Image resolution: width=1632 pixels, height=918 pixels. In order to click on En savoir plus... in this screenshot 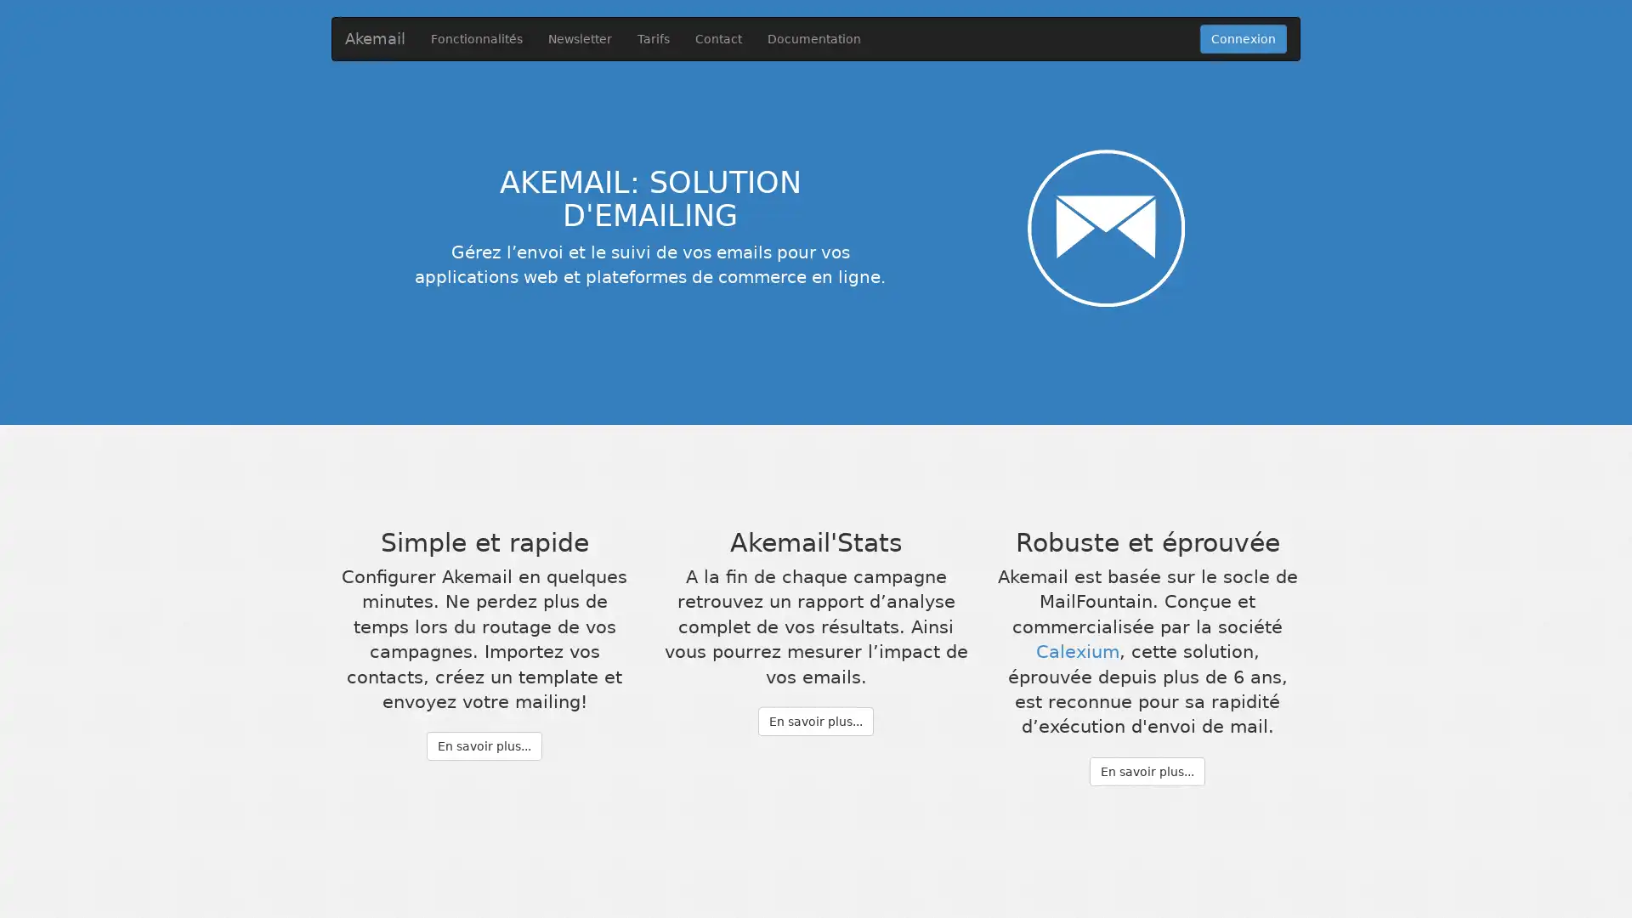, I will do `click(816, 721)`.